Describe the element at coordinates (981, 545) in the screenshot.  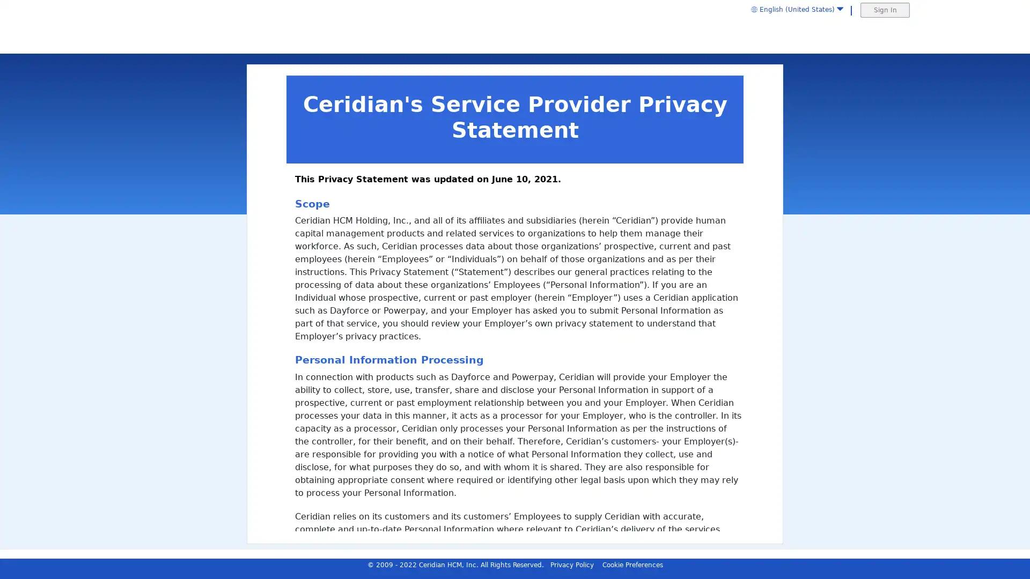
I see `Accept` at that location.